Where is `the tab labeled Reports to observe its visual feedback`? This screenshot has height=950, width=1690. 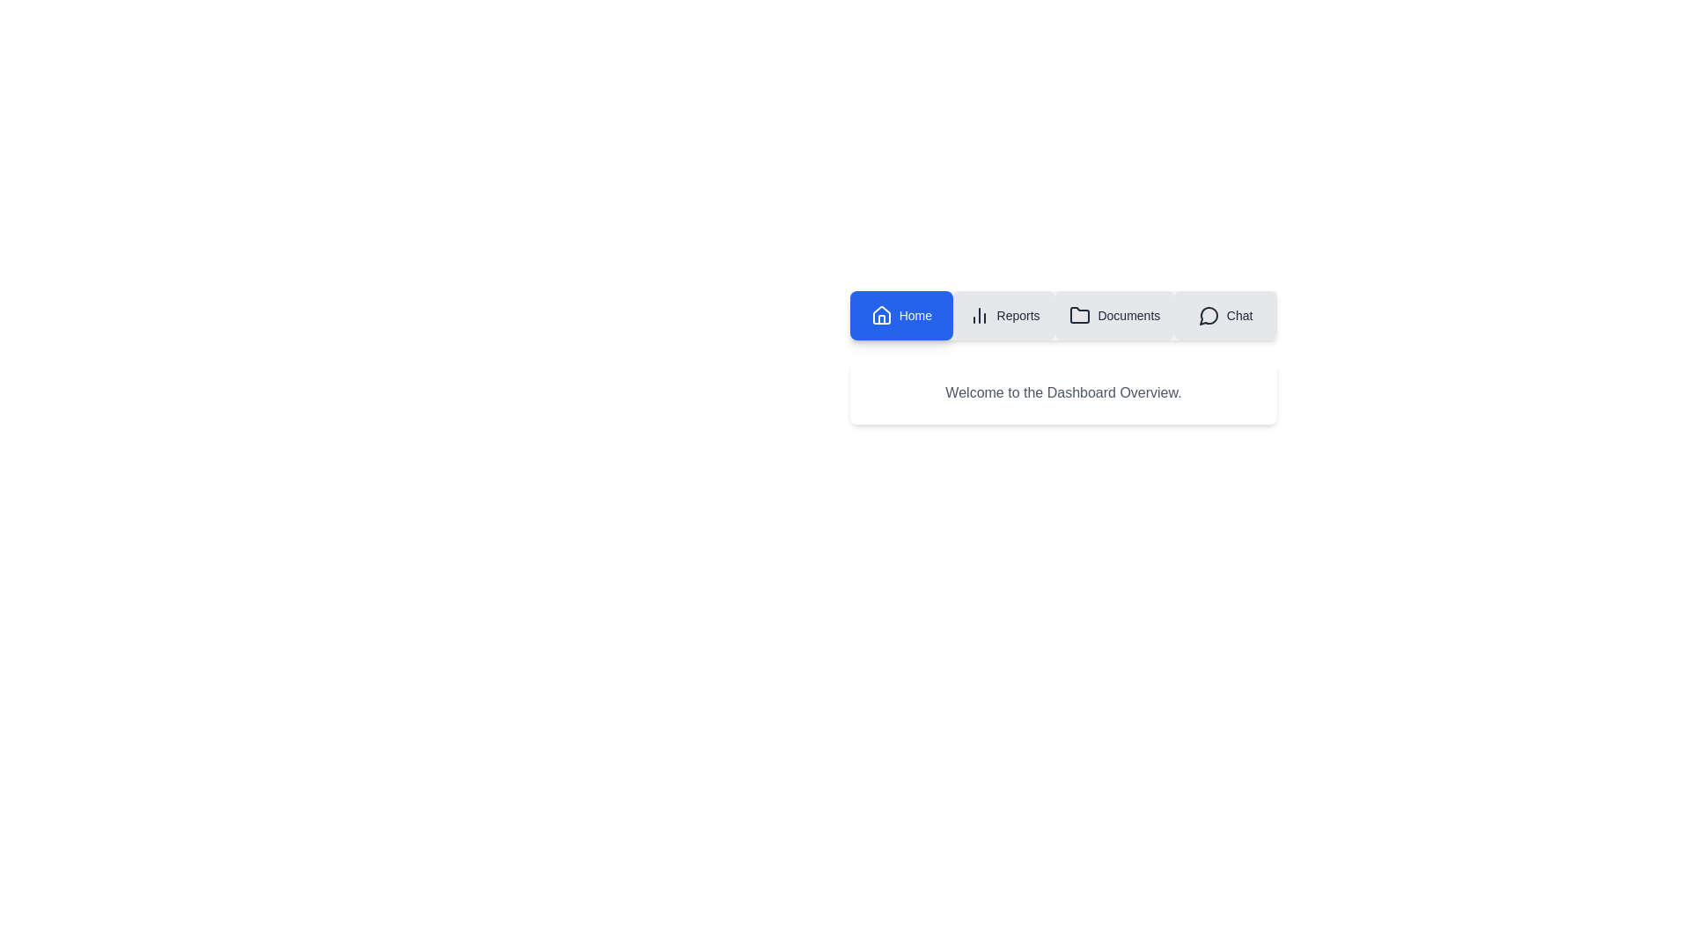
the tab labeled Reports to observe its visual feedback is located at coordinates (1004, 314).